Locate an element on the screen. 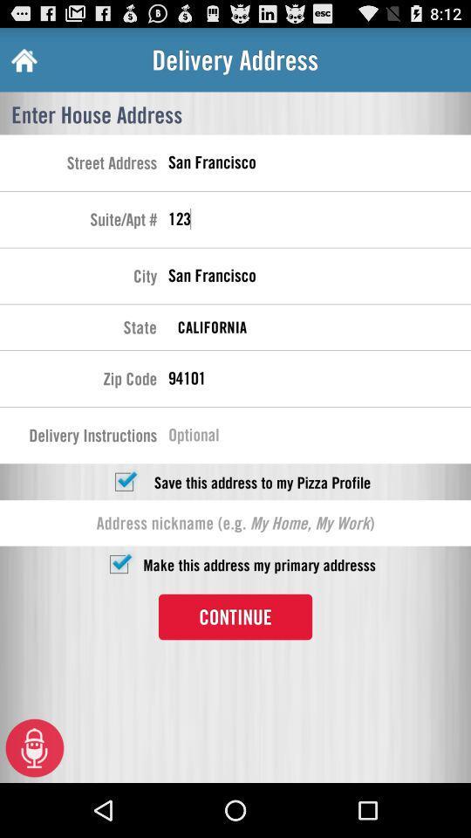 The image size is (471, 838). box shows address is located at coordinates (235, 523).